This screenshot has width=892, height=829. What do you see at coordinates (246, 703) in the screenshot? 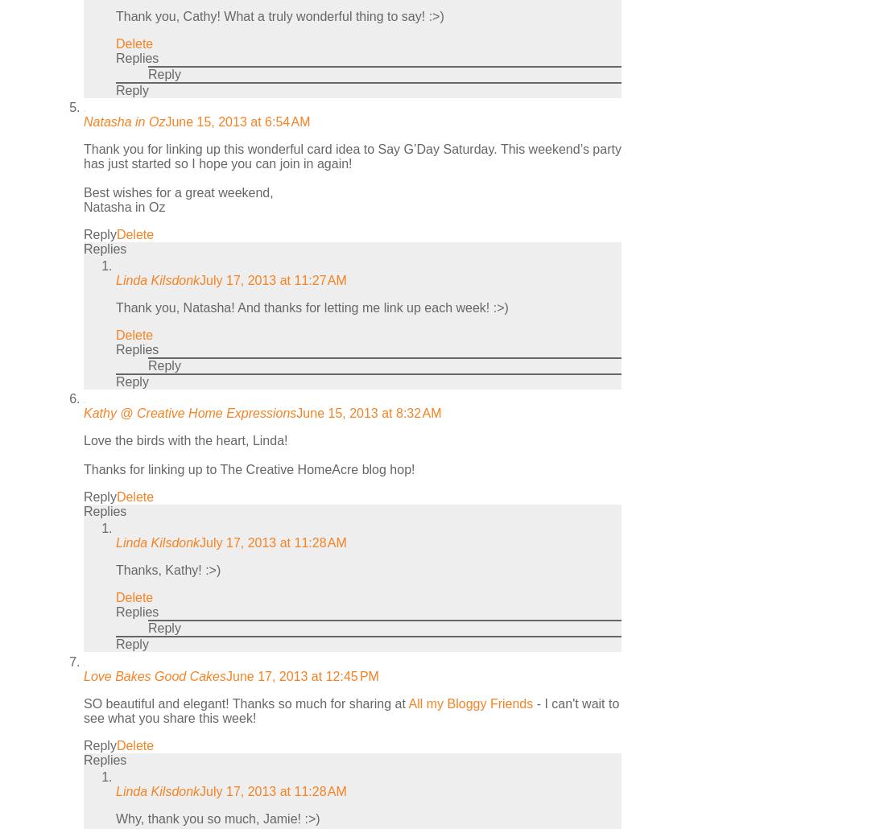
I see `'SO beautiful and elegant! Thanks so much for sharing at'` at bounding box center [246, 703].